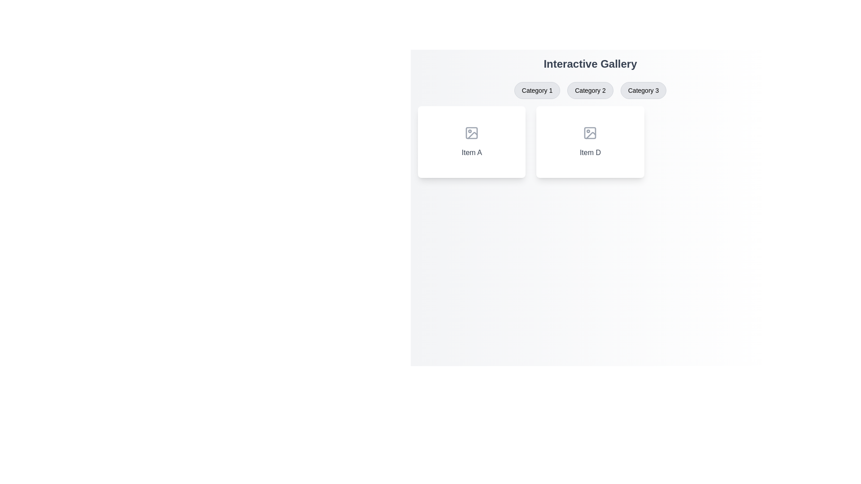 The height and width of the screenshot is (484, 861). I want to click on the first card in the gallery that displays the text label 'Item A', which is located slightly below the category buttons and to the left of the card labeled 'Item D', so click(471, 141).